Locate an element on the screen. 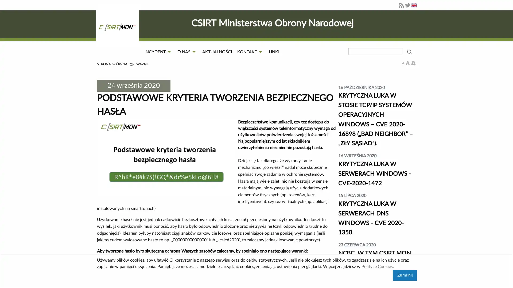 The height and width of the screenshot is (288, 513). Zamknij is located at coordinates (405, 275).